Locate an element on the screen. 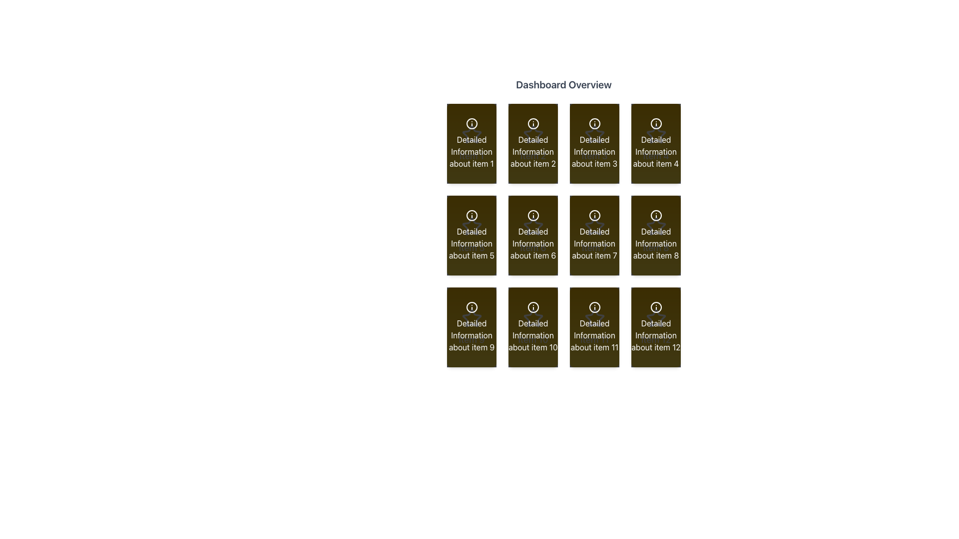  static text label displaying 'Item 8' which is part of a yellow gradient card in the second row and fourth column of the grid layout is located at coordinates (656, 248).